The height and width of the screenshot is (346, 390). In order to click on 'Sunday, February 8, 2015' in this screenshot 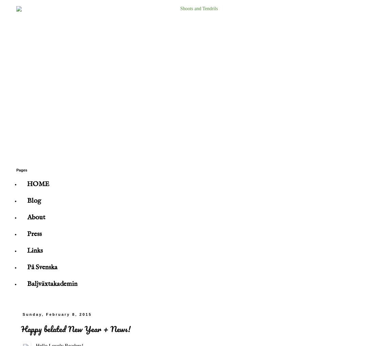, I will do `click(57, 314)`.